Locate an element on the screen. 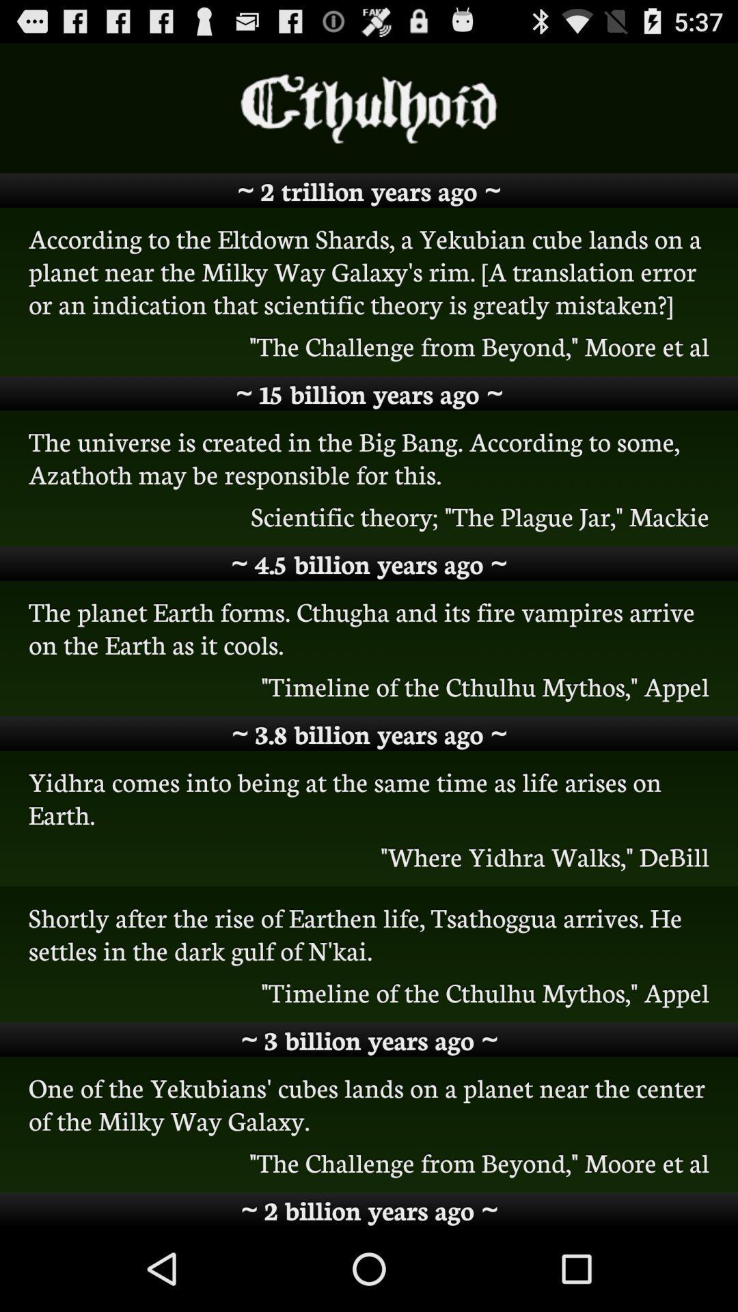 This screenshot has width=738, height=1312. icon below the universe is icon is located at coordinates (369, 515).